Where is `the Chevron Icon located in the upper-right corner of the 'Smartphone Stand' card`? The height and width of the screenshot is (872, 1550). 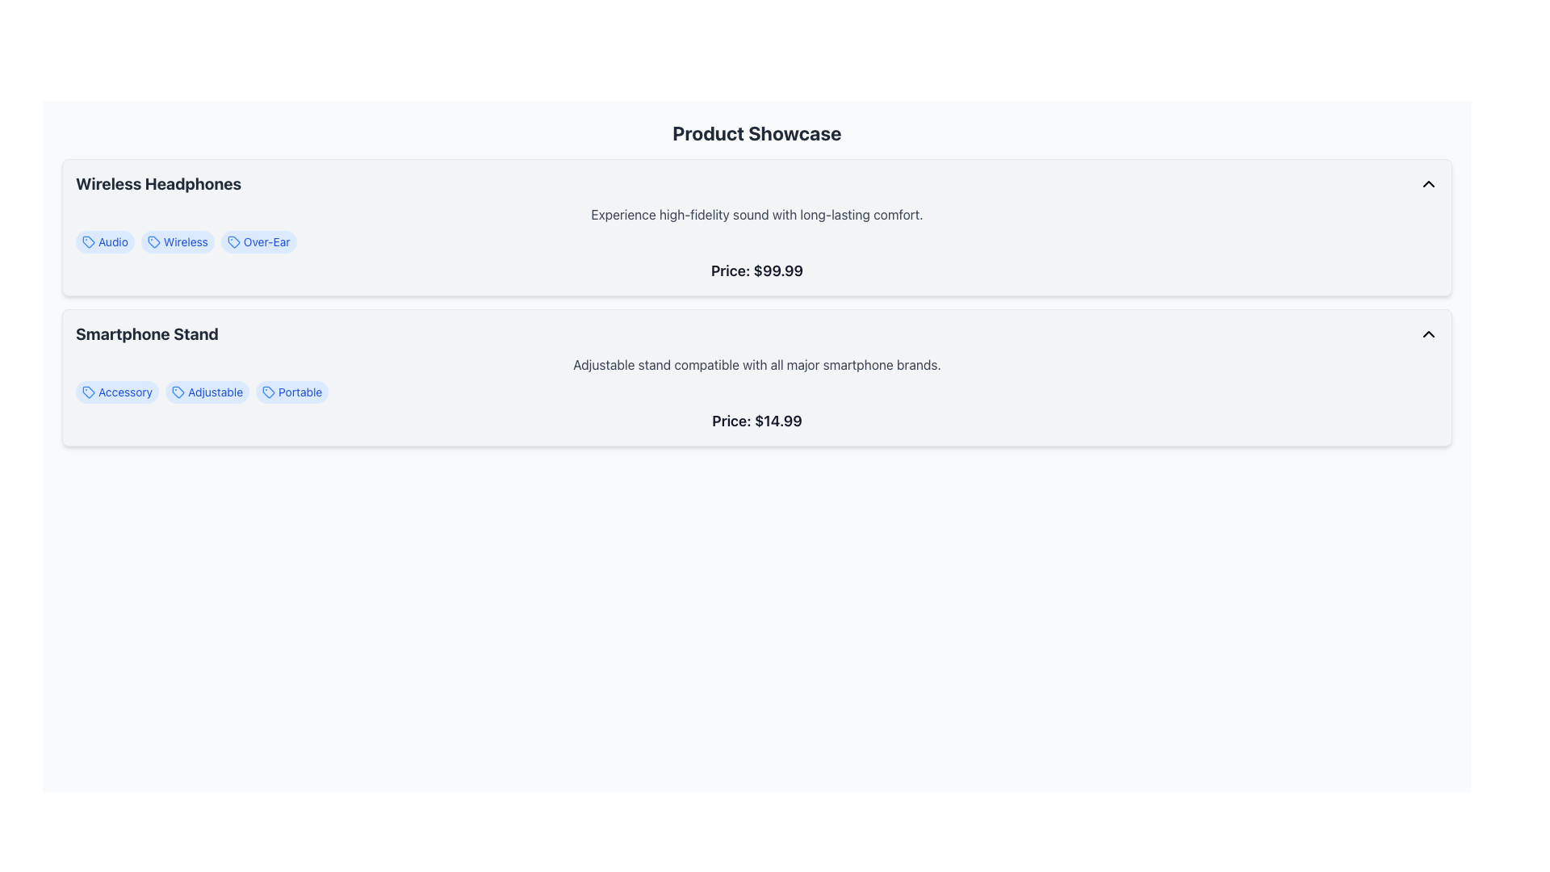 the Chevron Icon located in the upper-right corner of the 'Smartphone Stand' card is located at coordinates (1429, 333).